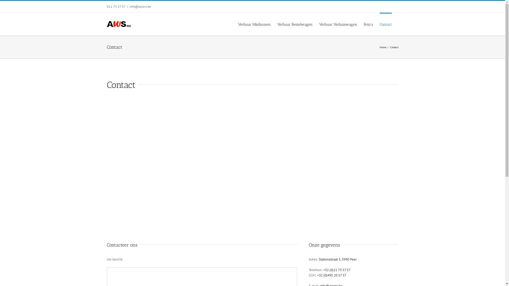 The image size is (509, 286). I want to click on 'Home', so click(383, 47).